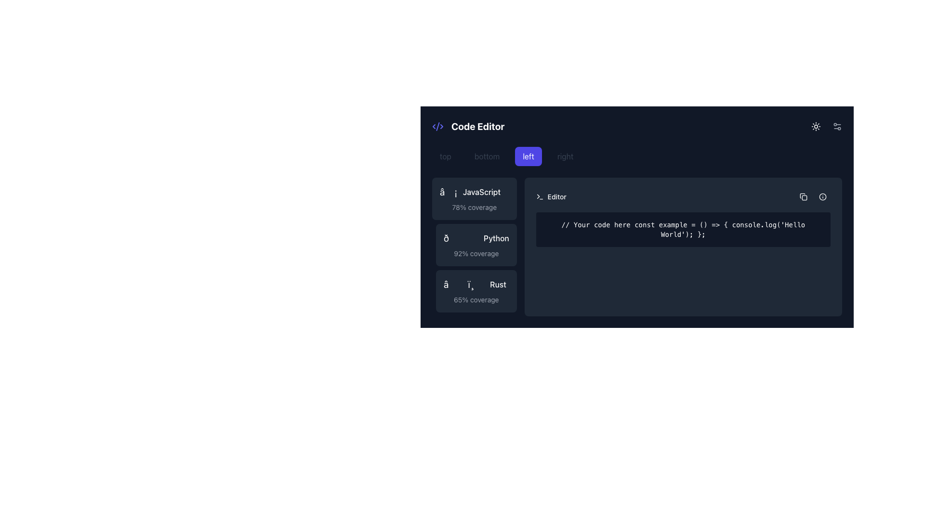 This screenshot has height=520, width=925. What do you see at coordinates (824, 126) in the screenshot?
I see `the toggle and settings button located in the top-right corner of the interface, which features a sun icon for light/dark mode and a gear icon for settings, to receive additional visual feedback` at bounding box center [824, 126].